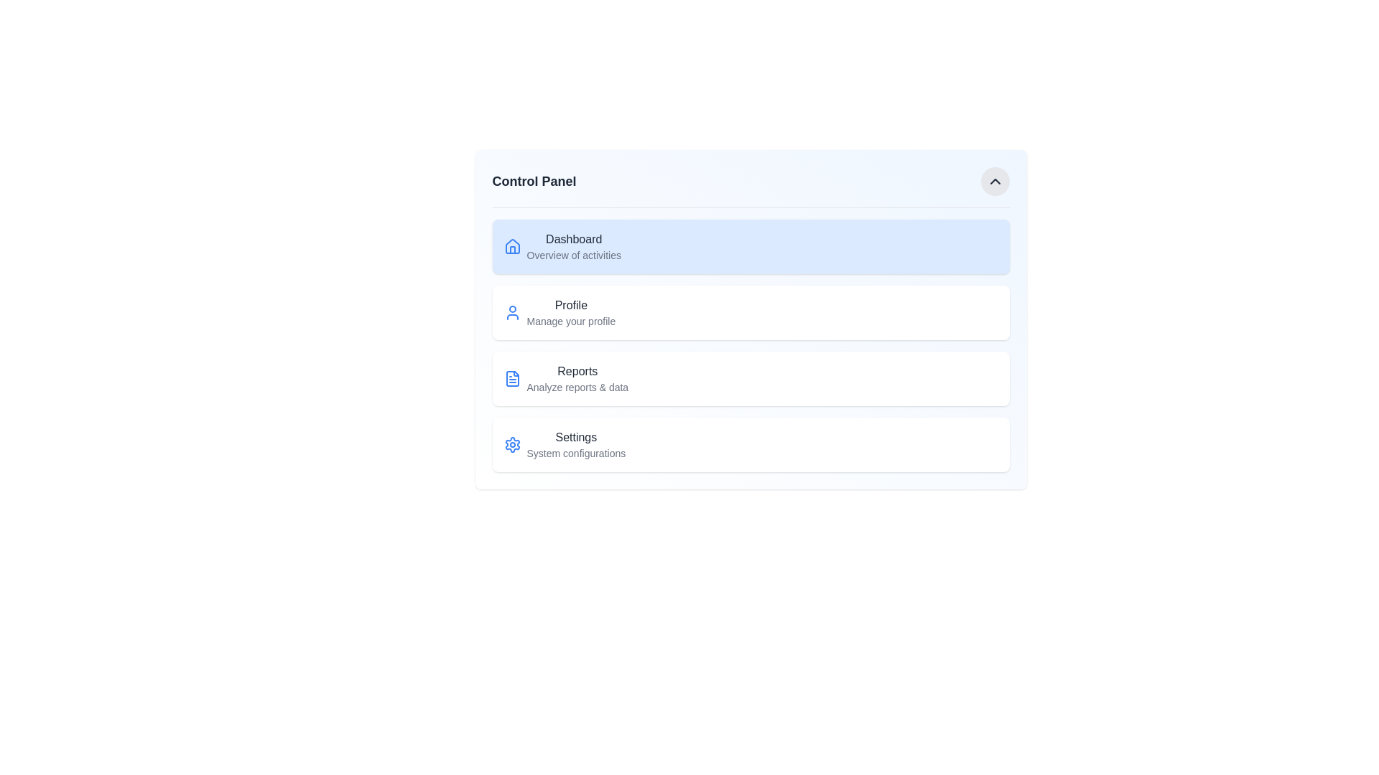 The image size is (1379, 775). What do you see at coordinates (570, 304) in the screenshot?
I see `the 'Profile' label, which displays the text in a medium font weight and dark gray color, located below the 'Dashboard' menu item and above the 'Reports' menu item in the vertical list menu` at bounding box center [570, 304].